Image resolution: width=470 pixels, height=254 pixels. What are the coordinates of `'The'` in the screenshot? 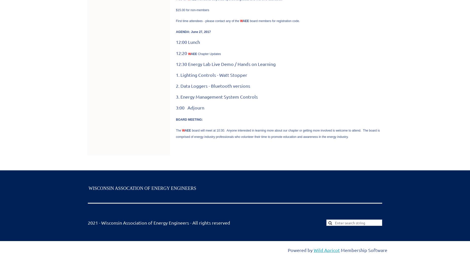 It's located at (179, 130).